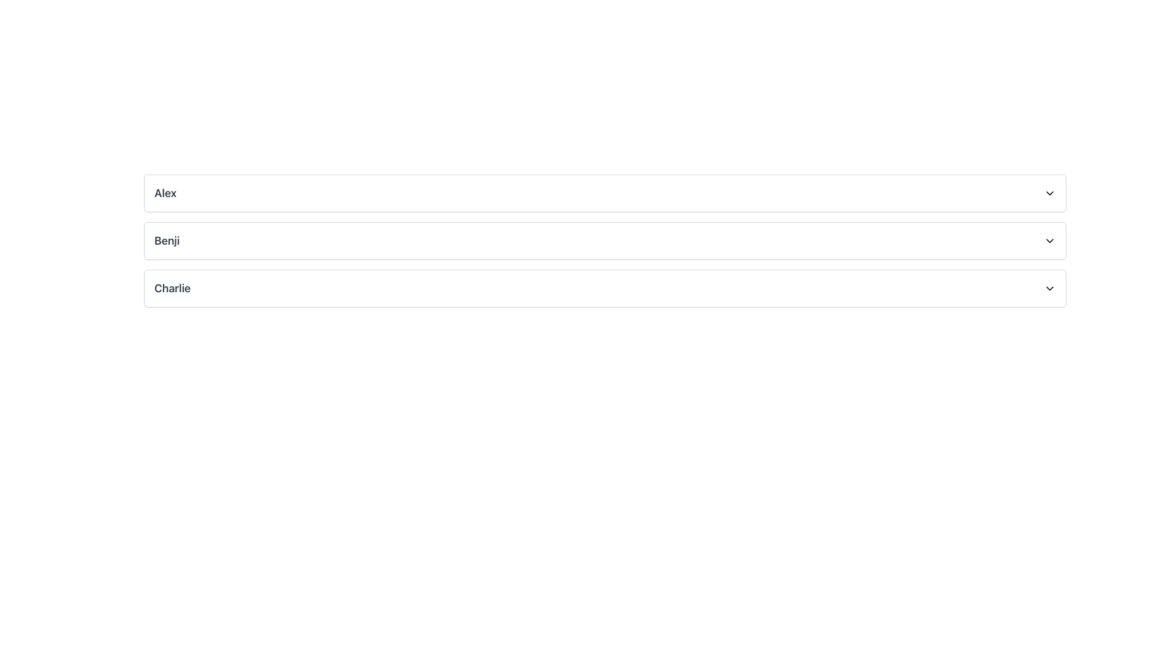  Describe the element at coordinates (605, 240) in the screenshot. I see `on the Dropdown Menu associated with 'Benji', which is the second dropdown in a vertical list between 'Alex' and 'Charlie'` at that location.